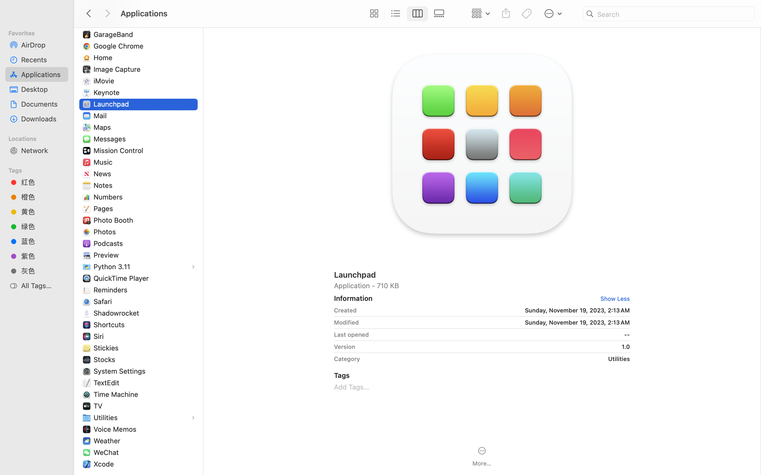 Image resolution: width=761 pixels, height=475 pixels. What do you see at coordinates (100, 336) in the screenshot?
I see `'Siri'` at bounding box center [100, 336].